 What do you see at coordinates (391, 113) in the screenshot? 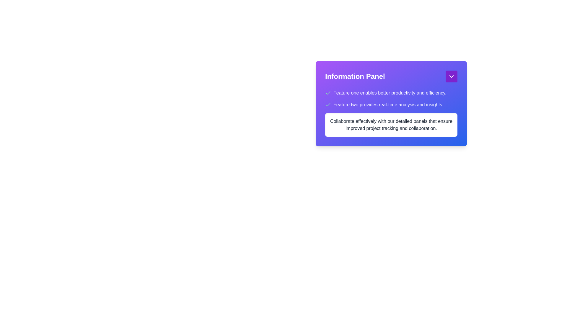
I see `the text block that reads 'Collaborate effectively with our detailed panels that ensure improved project tracking and collaboration', which is inside a white rounded box on a purple background` at bounding box center [391, 113].